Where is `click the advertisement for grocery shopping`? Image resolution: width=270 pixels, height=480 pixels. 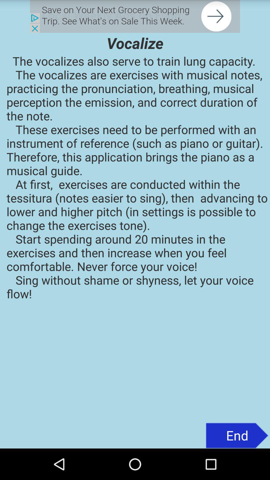 click the advertisement for grocery shopping is located at coordinates (135, 16).